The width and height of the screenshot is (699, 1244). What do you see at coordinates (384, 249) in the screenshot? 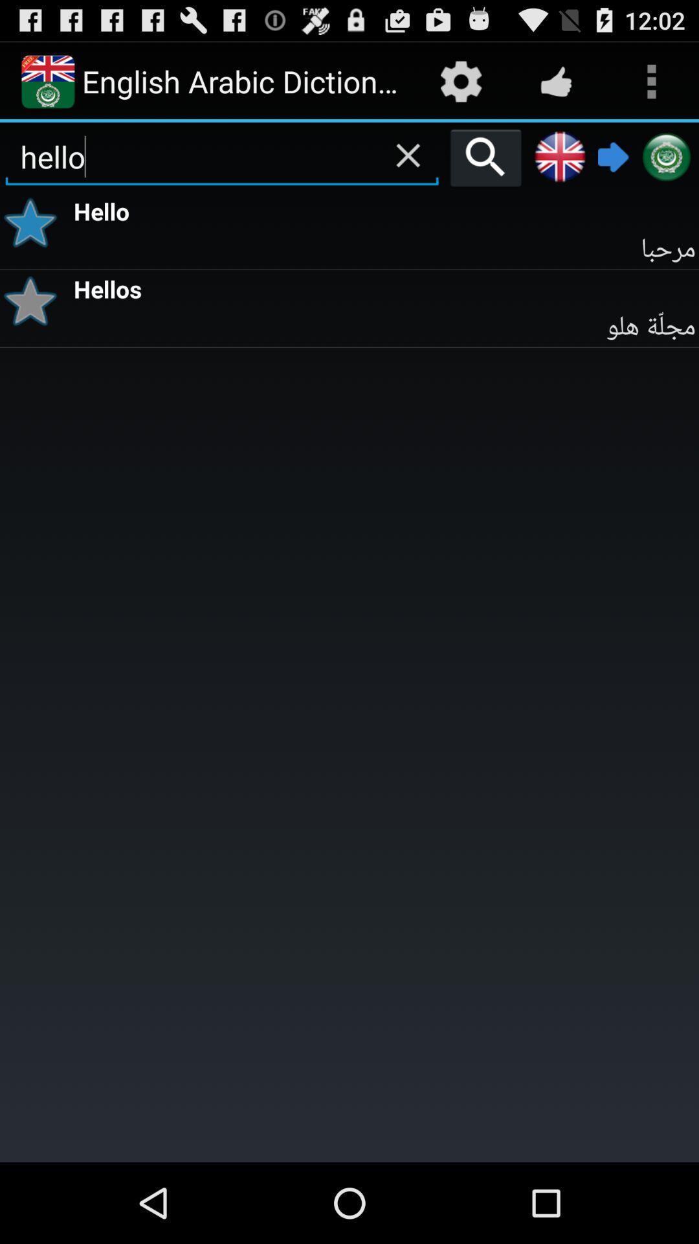
I see `app below the hello` at bounding box center [384, 249].